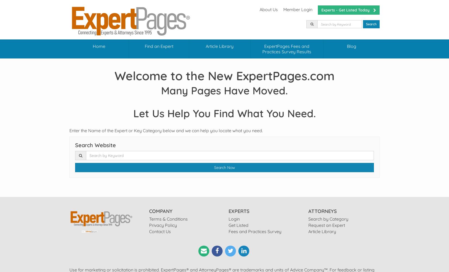 This screenshot has height=272, width=449. What do you see at coordinates (239, 211) in the screenshot?
I see `'EXPERTS'` at bounding box center [239, 211].